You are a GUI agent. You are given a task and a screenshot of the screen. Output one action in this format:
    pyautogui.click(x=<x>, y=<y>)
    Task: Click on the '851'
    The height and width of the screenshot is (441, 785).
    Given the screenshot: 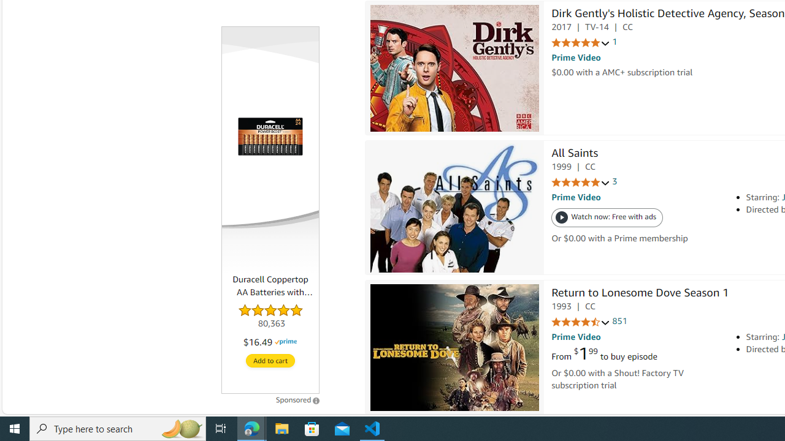 What is the action you would take?
    pyautogui.click(x=619, y=320)
    